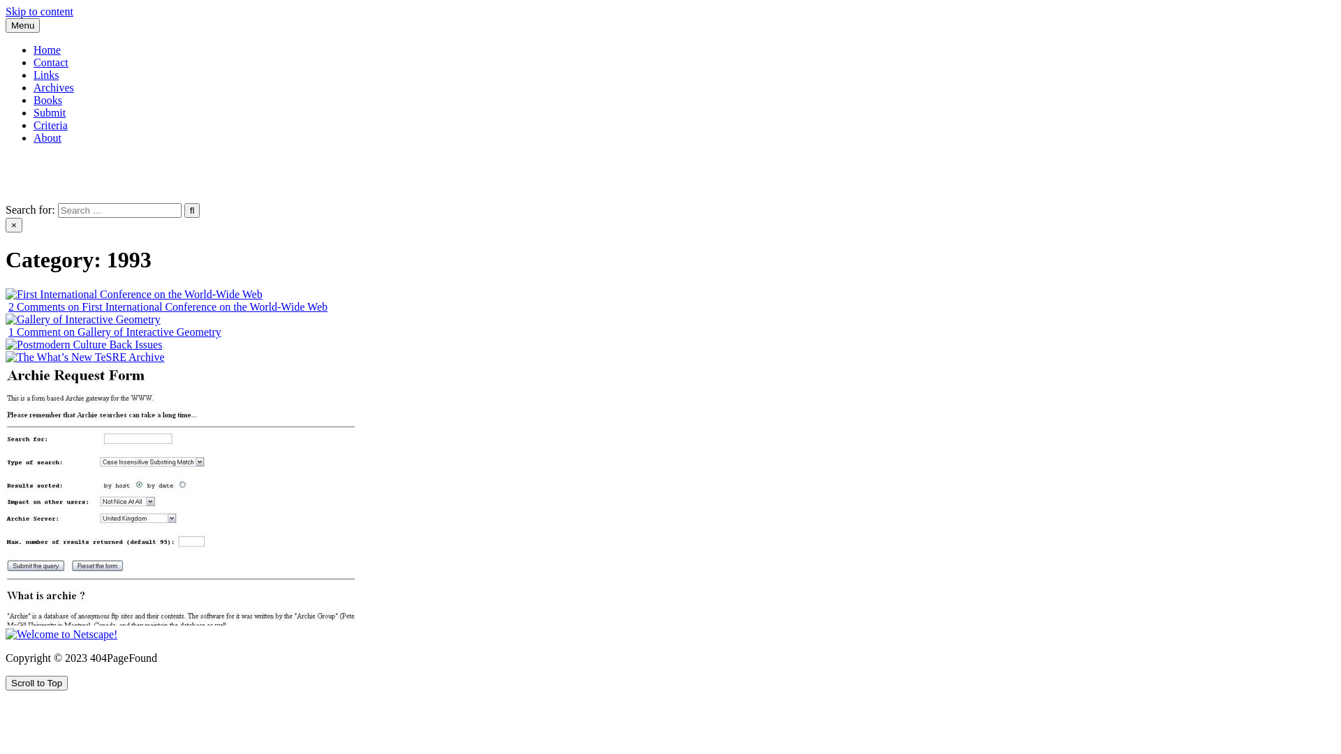 The width and height of the screenshot is (1341, 754). What do you see at coordinates (34, 75) in the screenshot?
I see `'Links'` at bounding box center [34, 75].